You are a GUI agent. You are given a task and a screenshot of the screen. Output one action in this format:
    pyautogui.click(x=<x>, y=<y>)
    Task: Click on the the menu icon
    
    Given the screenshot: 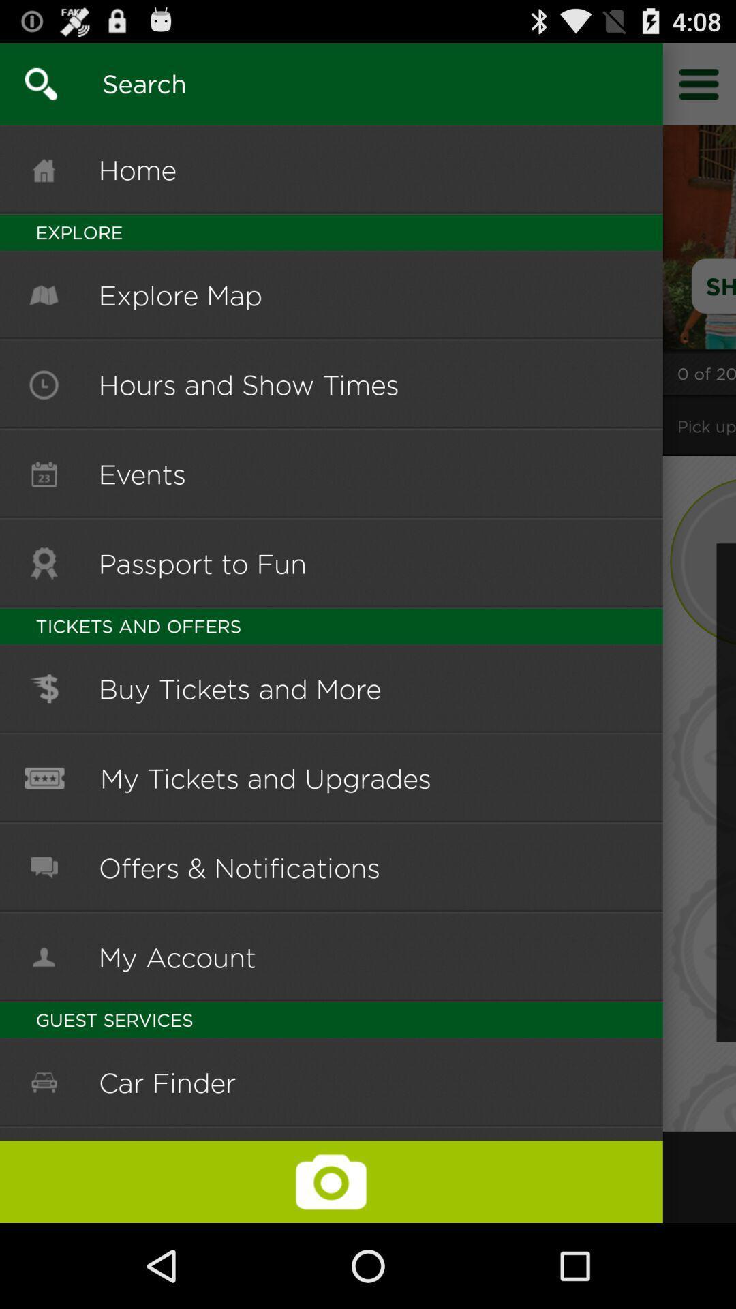 What is the action you would take?
    pyautogui.click(x=699, y=89)
    